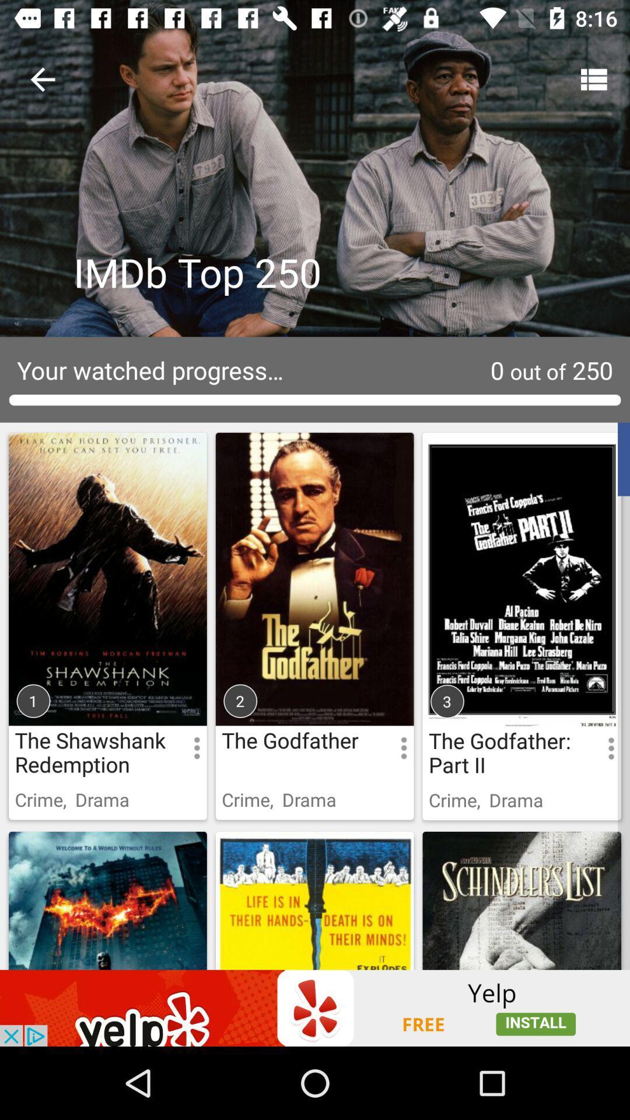 This screenshot has height=1120, width=630. I want to click on second movie thumbnail, so click(314, 610).